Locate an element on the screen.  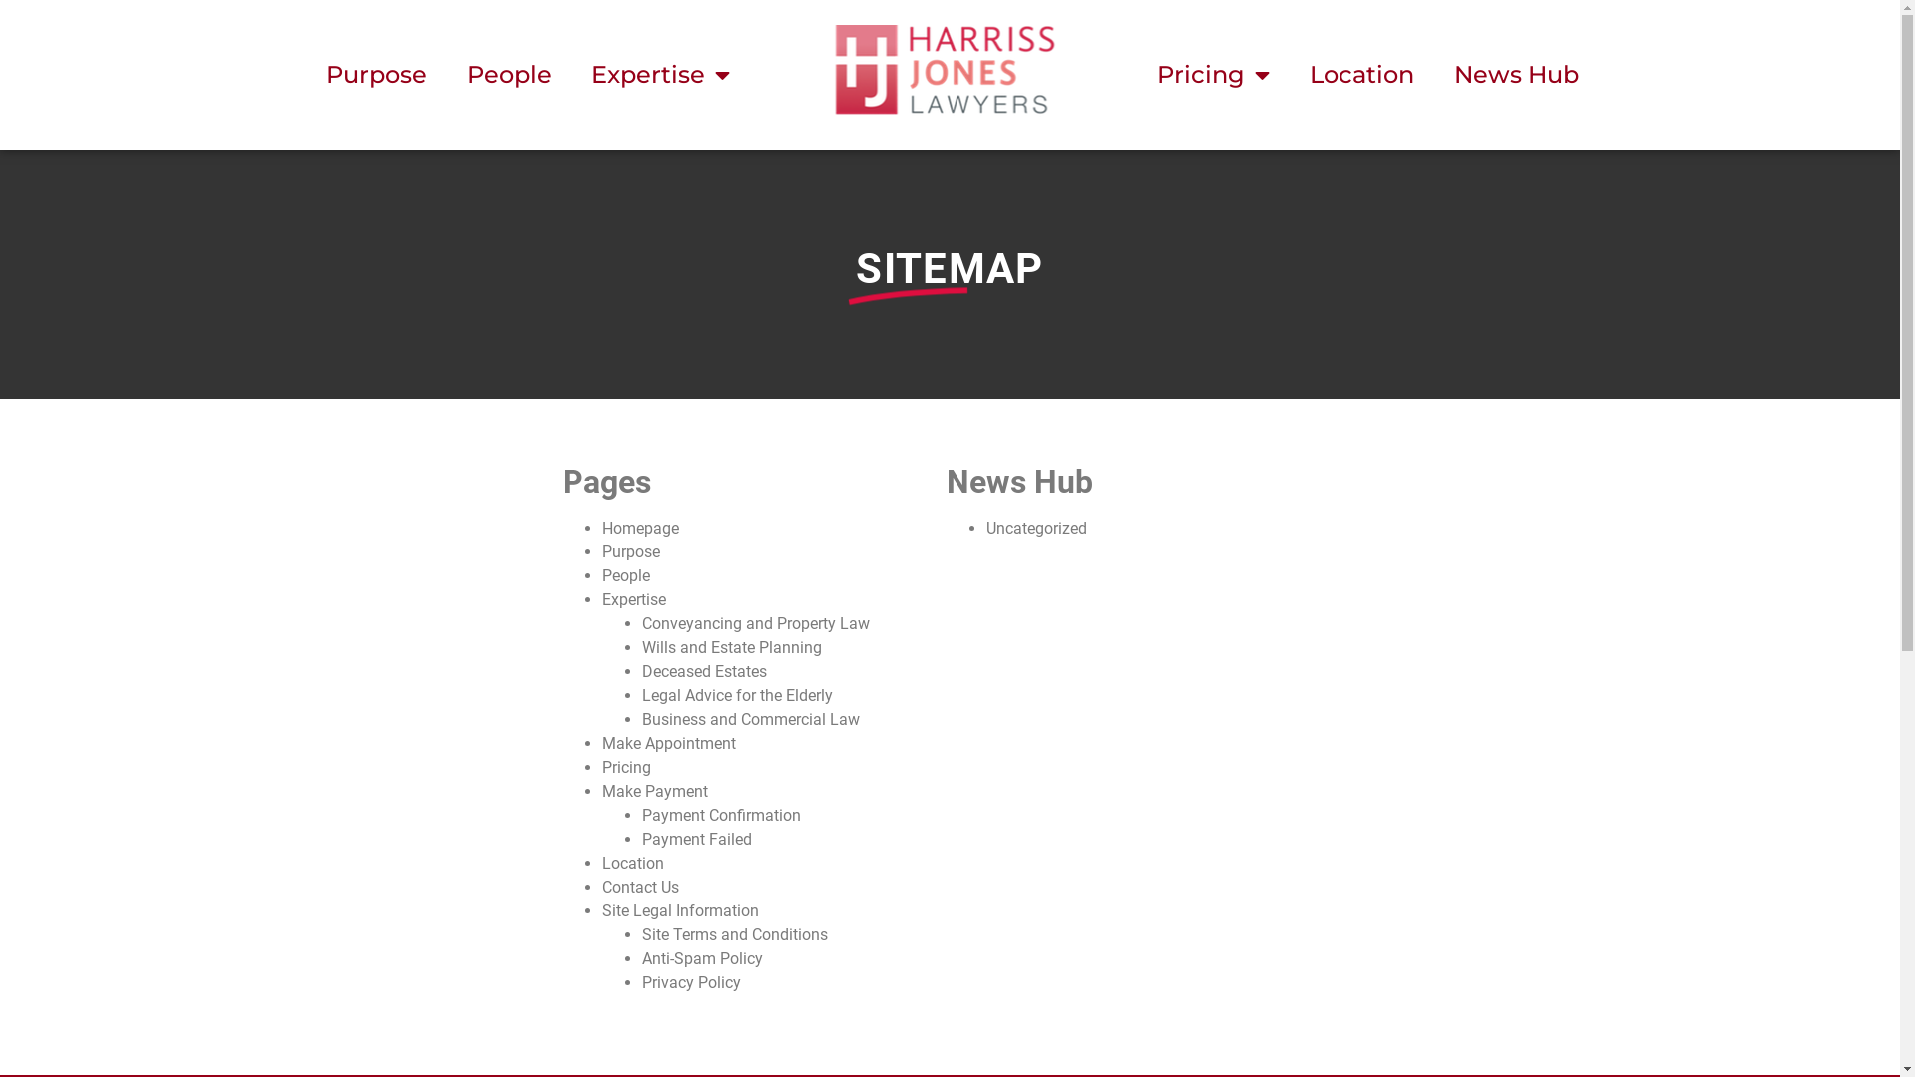
'Site Legal Information' is located at coordinates (680, 910).